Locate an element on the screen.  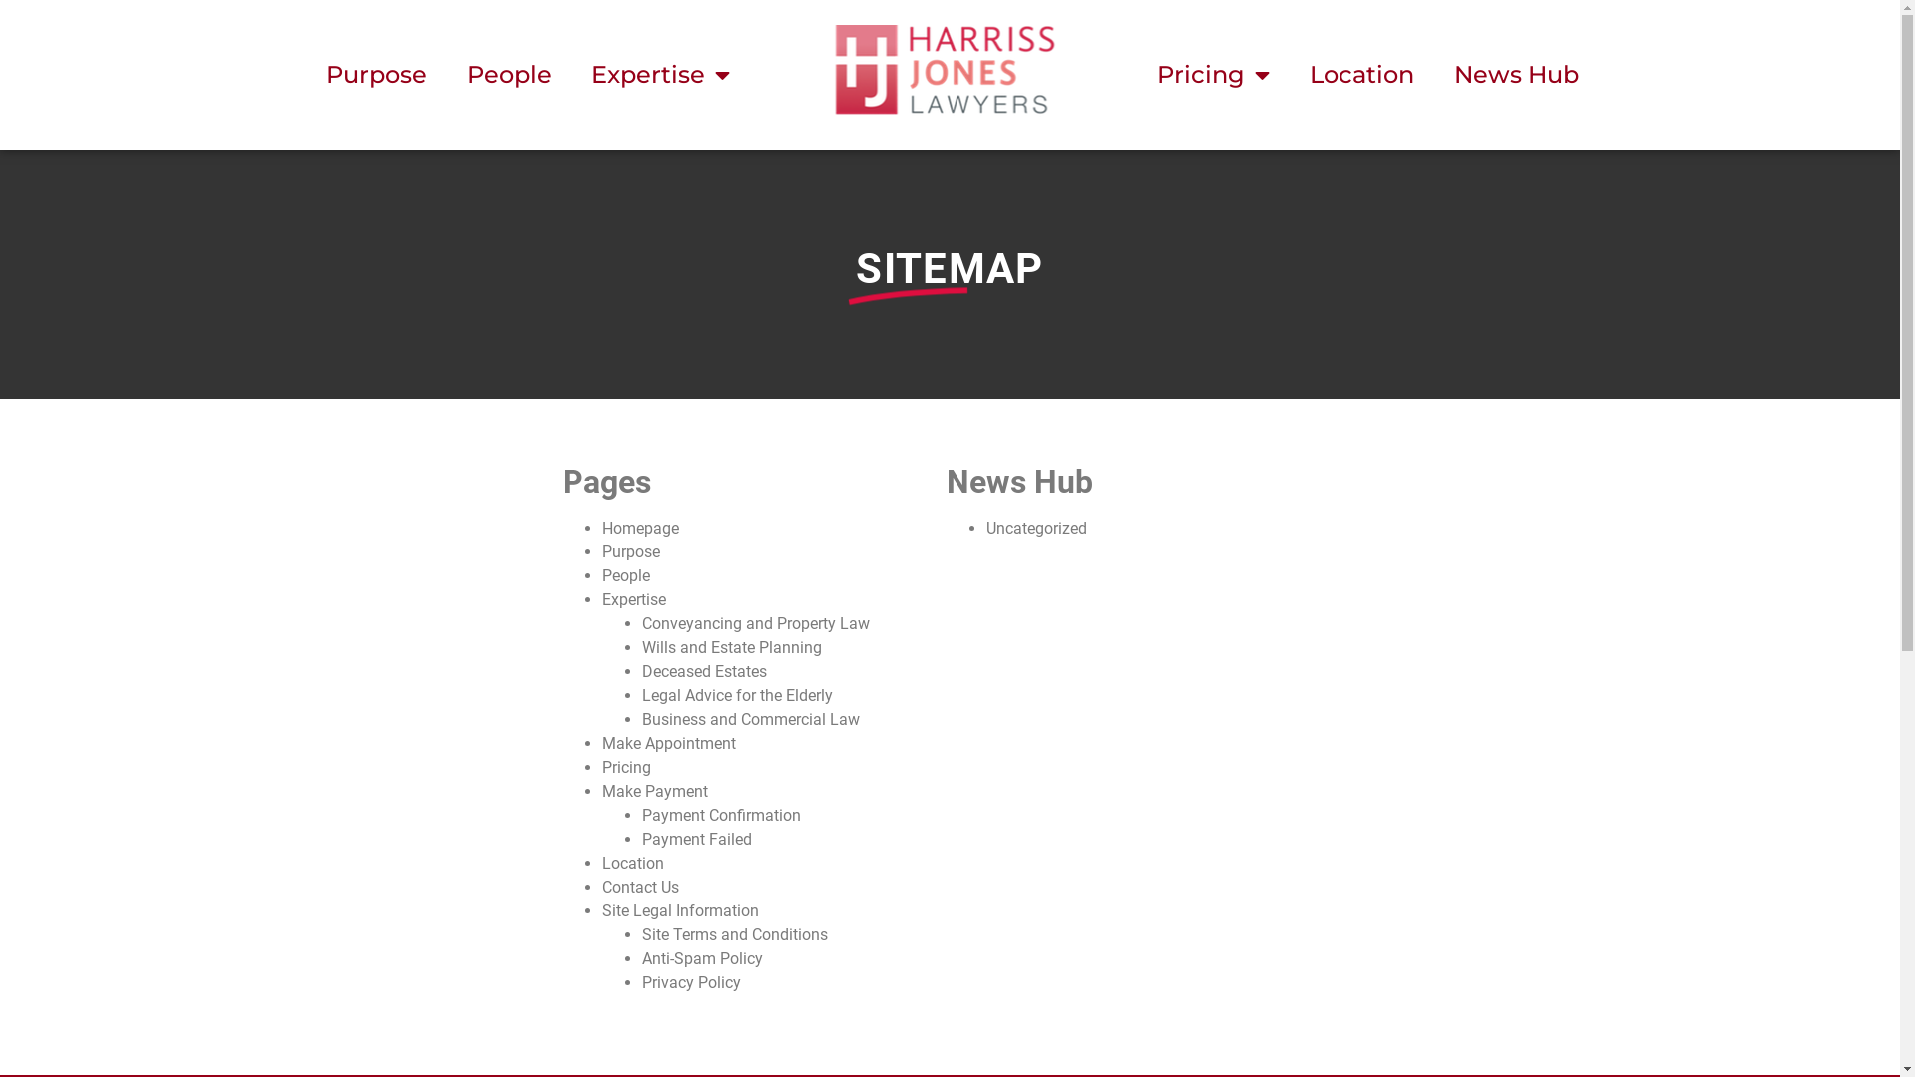
'Site Legal Information' is located at coordinates (680, 910).